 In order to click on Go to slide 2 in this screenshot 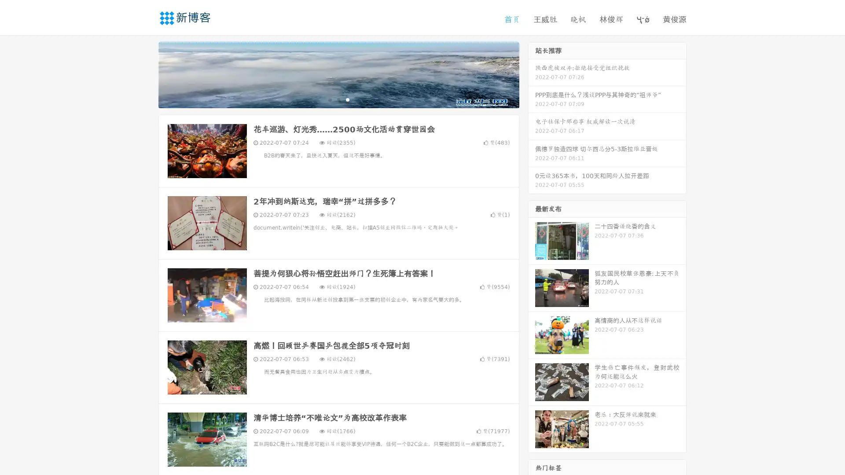, I will do `click(338, 99)`.